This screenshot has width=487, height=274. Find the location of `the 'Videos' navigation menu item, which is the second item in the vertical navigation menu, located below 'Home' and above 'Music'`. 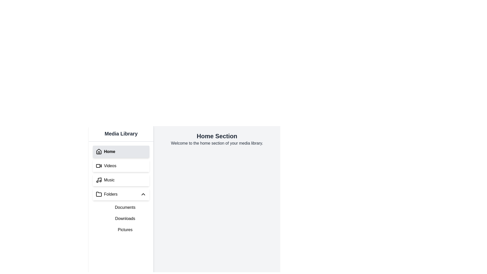

the 'Videos' navigation menu item, which is the second item in the vertical navigation menu, located below 'Home' and above 'Music' is located at coordinates (121, 166).